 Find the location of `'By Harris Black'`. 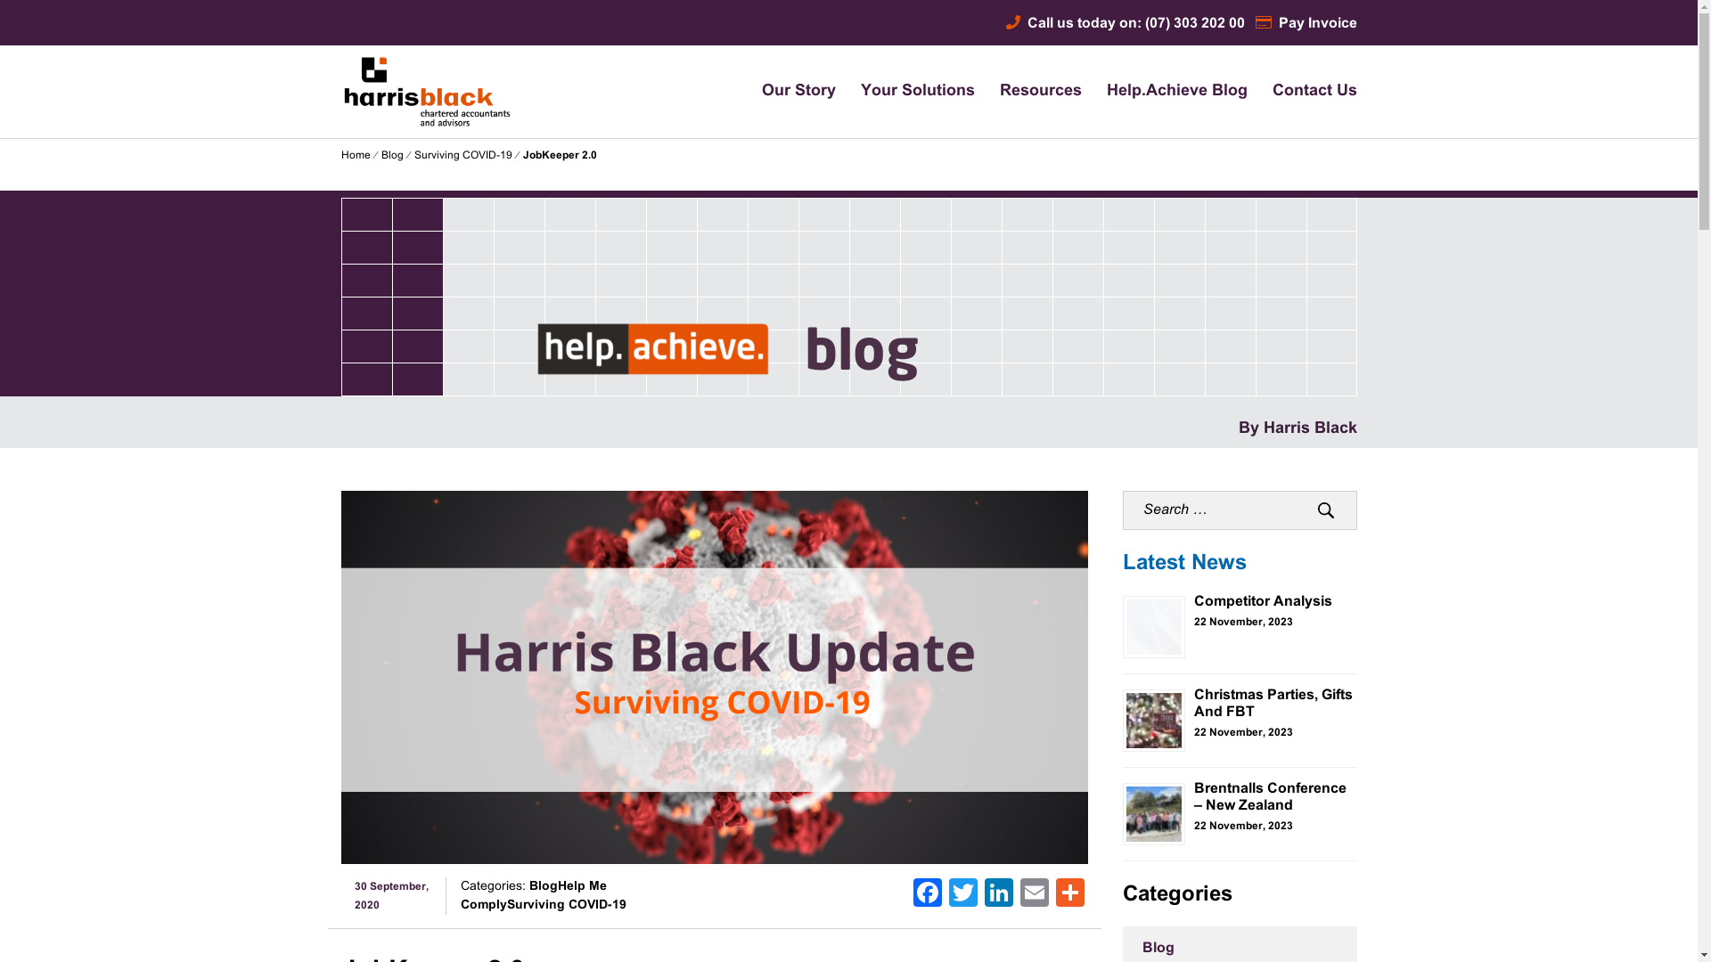

'By Harris Black' is located at coordinates (1298, 428).